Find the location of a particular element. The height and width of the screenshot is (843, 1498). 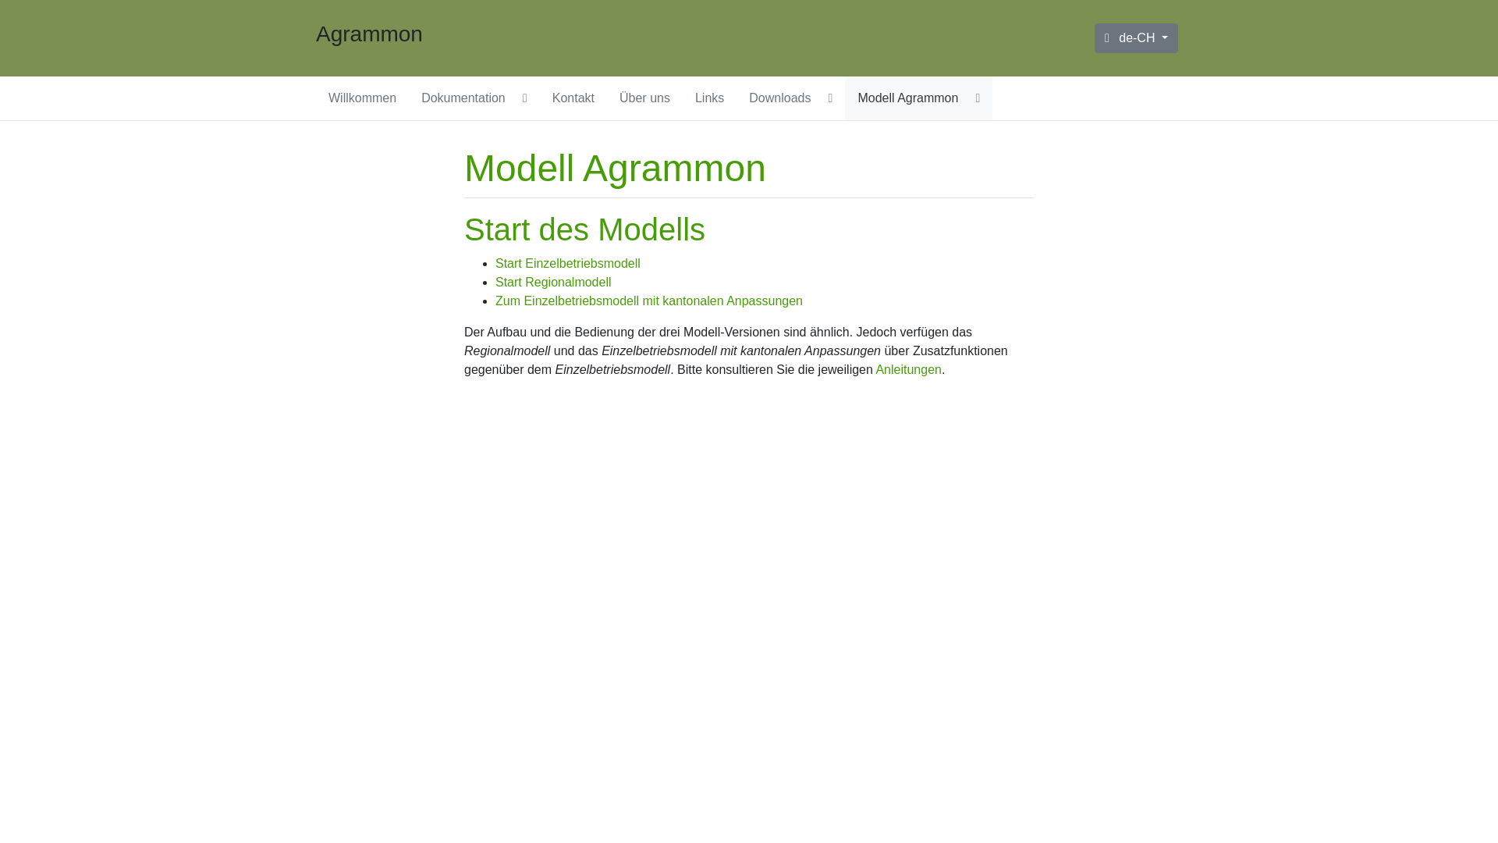

'Display Downloads submenu pages' is located at coordinates (830, 98).